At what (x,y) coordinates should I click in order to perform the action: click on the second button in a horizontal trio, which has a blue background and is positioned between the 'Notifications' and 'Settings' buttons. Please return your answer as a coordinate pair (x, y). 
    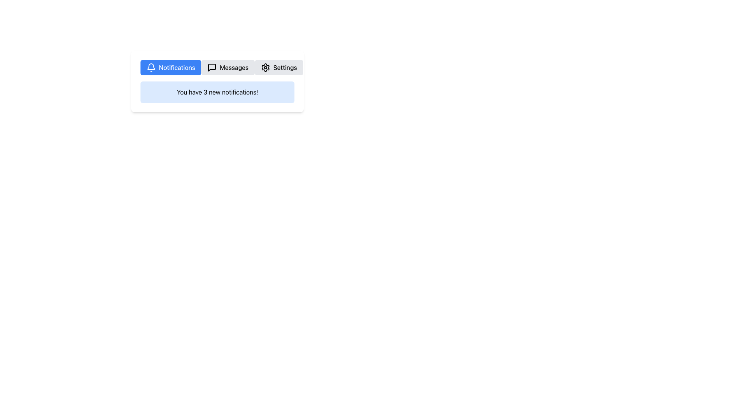
    Looking at the image, I should click on (227, 67).